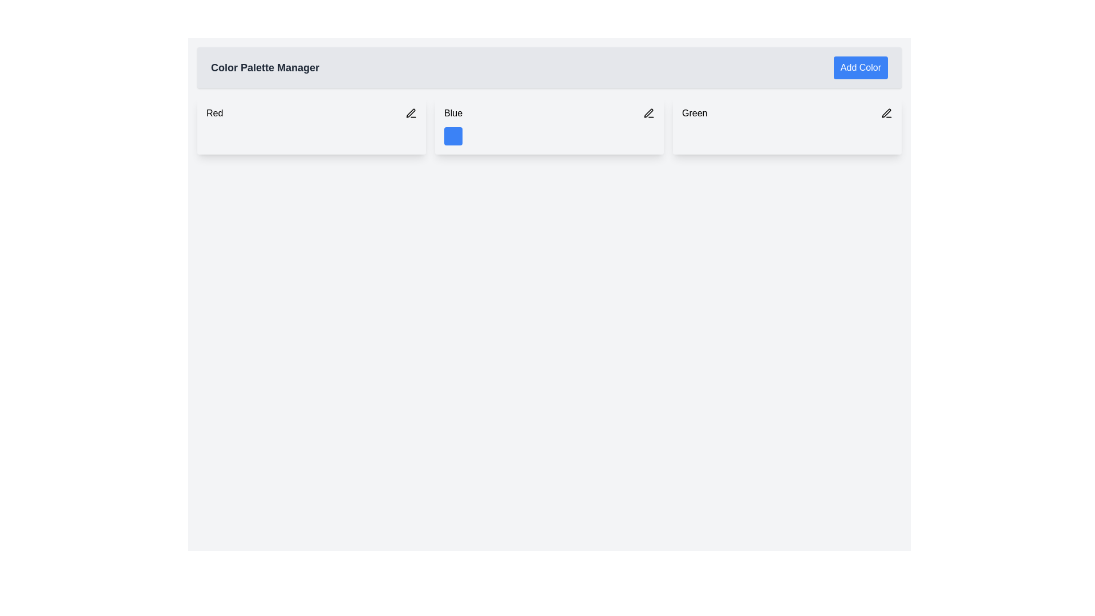 This screenshot has width=1095, height=616. Describe the element at coordinates (694, 114) in the screenshot. I see `the static text label indicating the 'Green' section, located on the rightmost card in the second row of the primary content area` at that location.